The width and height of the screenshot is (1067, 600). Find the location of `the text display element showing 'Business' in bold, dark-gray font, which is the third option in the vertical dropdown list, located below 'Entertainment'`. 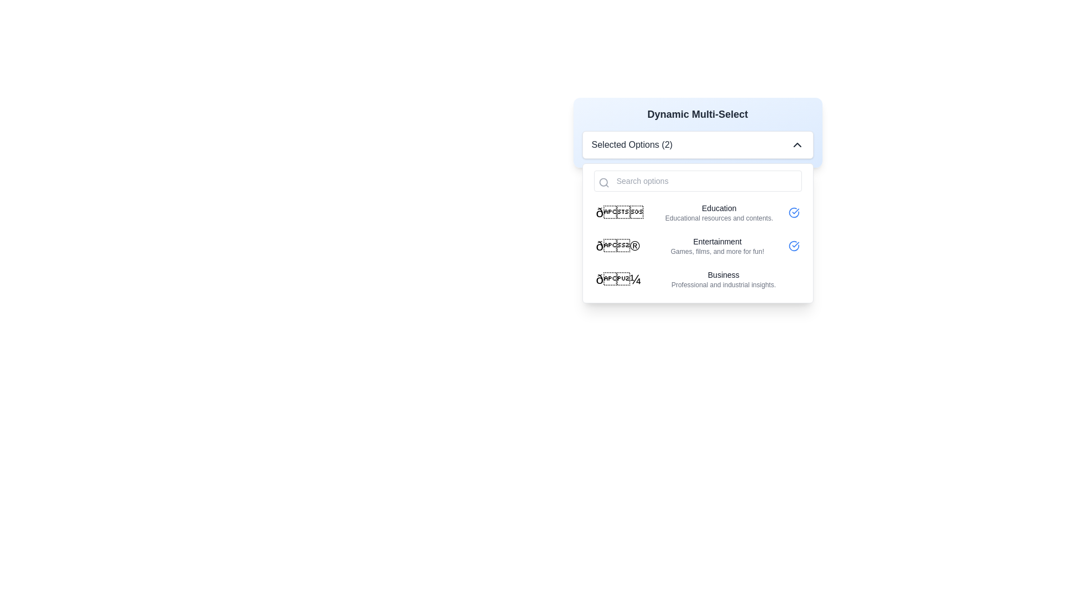

the text display element showing 'Business' in bold, dark-gray font, which is the third option in the vertical dropdown list, located below 'Entertainment' is located at coordinates (724, 278).